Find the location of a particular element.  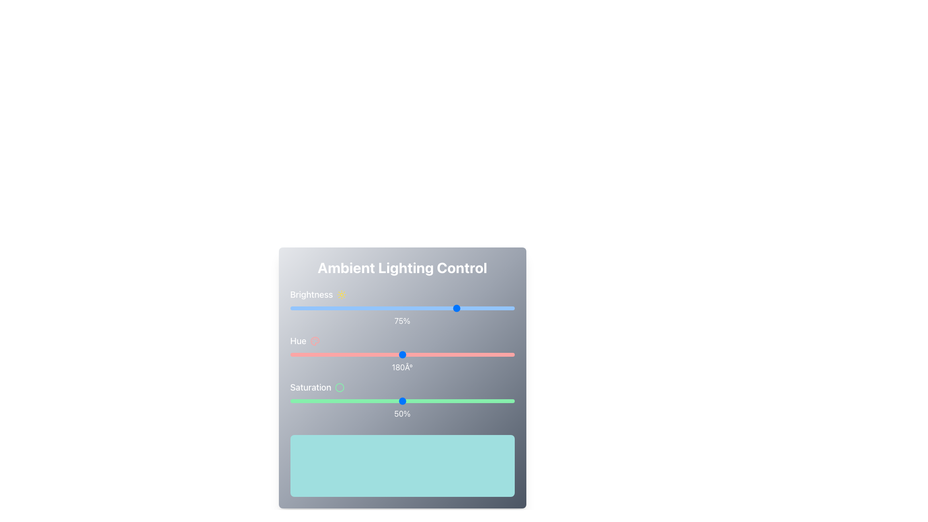

the hue value is located at coordinates (406, 354).